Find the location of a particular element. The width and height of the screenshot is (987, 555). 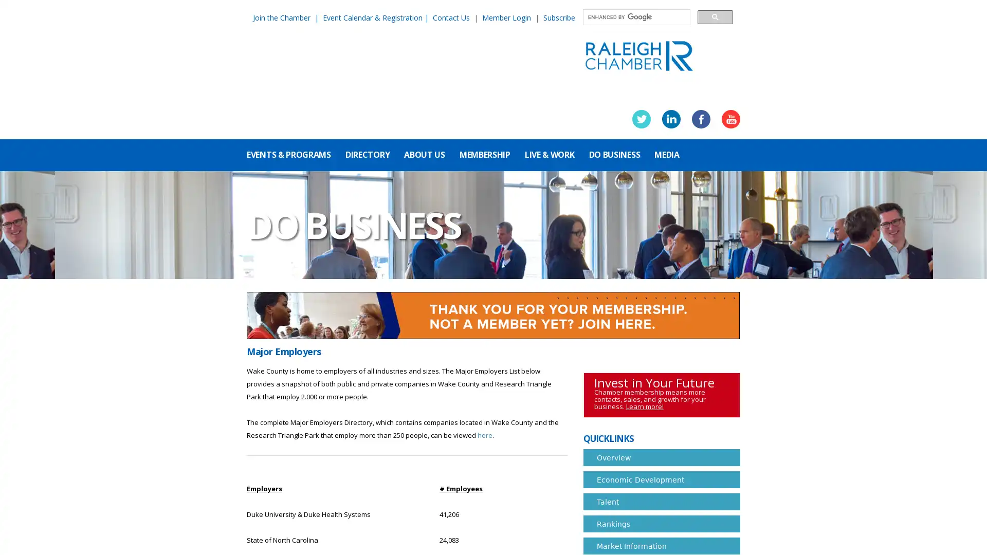

search is located at coordinates (715, 16).